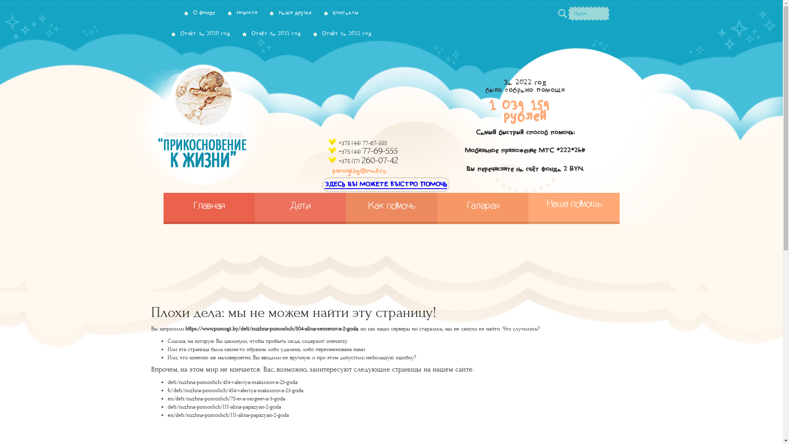  What do you see at coordinates (224, 407) in the screenshot?
I see `'deti/nuzhna-pomoshch/111-alina-papazyan-2-goda'` at bounding box center [224, 407].